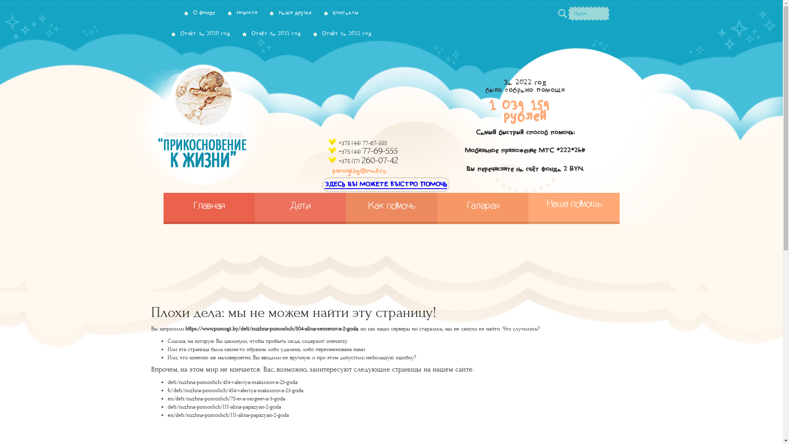  What do you see at coordinates (224, 407) in the screenshot?
I see `'deti/nuzhna-pomoshch/111-alina-papazyan-2-goda'` at bounding box center [224, 407].